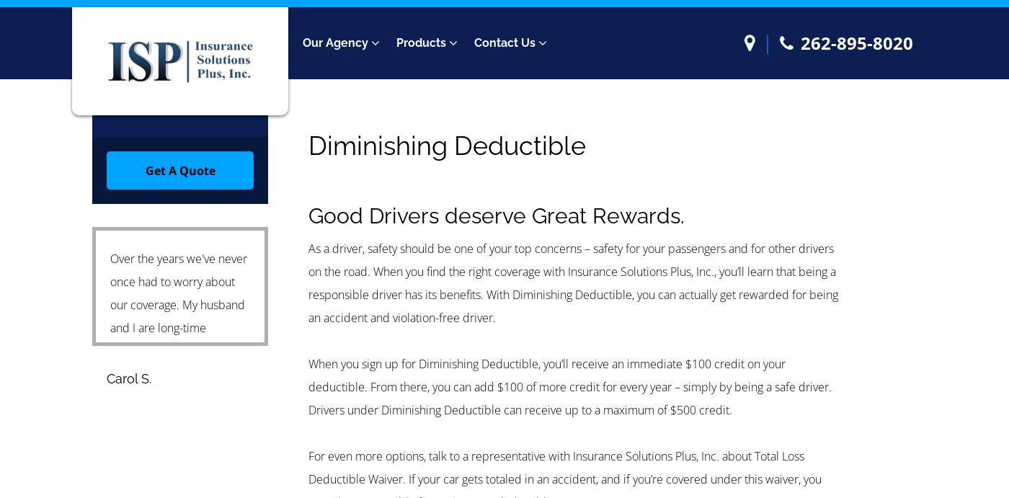  What do you see at coordinates (178, 315) in the screenshot?
I see `'Over the years we've never once had to worry about our coverage. My husband and I are long-time customers and proud to be.'` at bounding box center [178, 315].